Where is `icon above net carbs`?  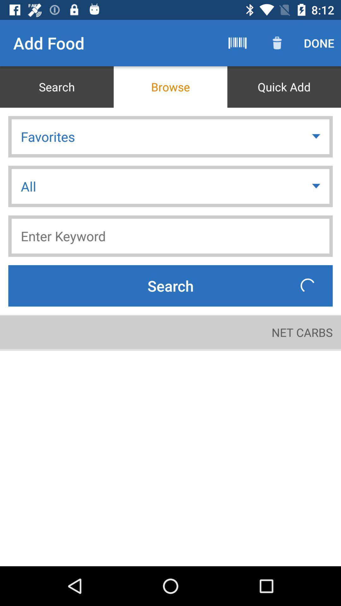
icon above net carbs is located at coordinates (308, 285).